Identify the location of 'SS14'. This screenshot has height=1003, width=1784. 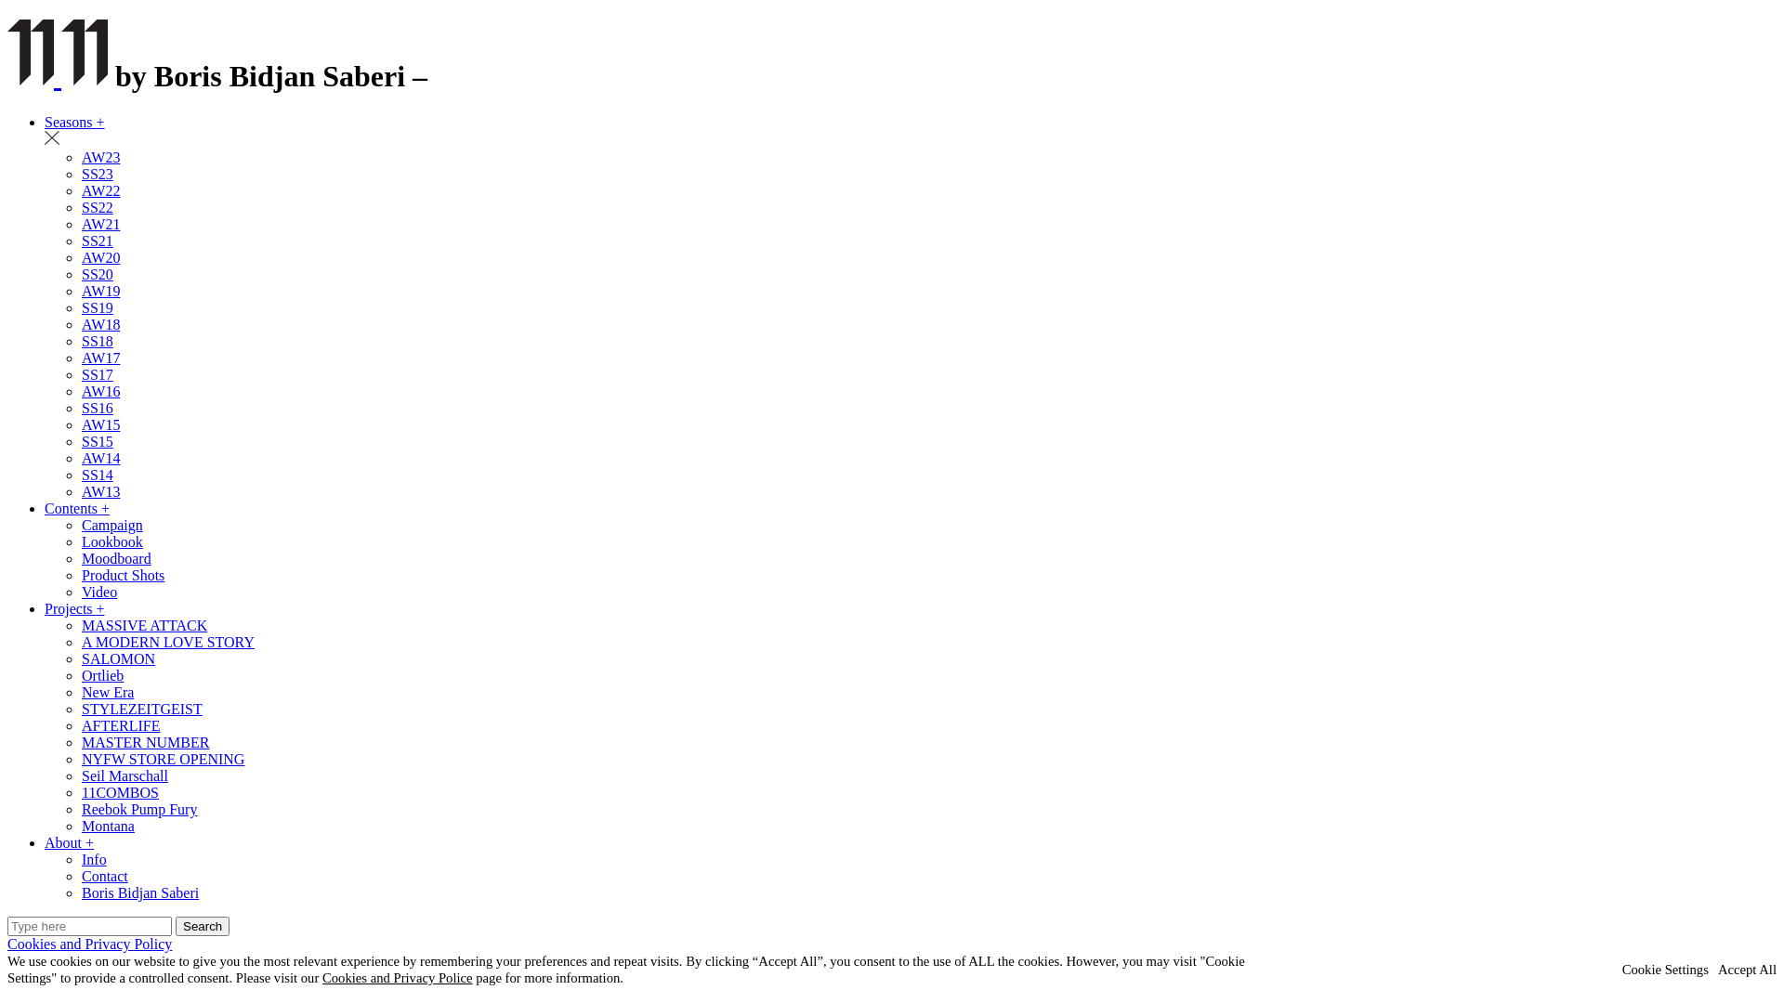
(97, 474).